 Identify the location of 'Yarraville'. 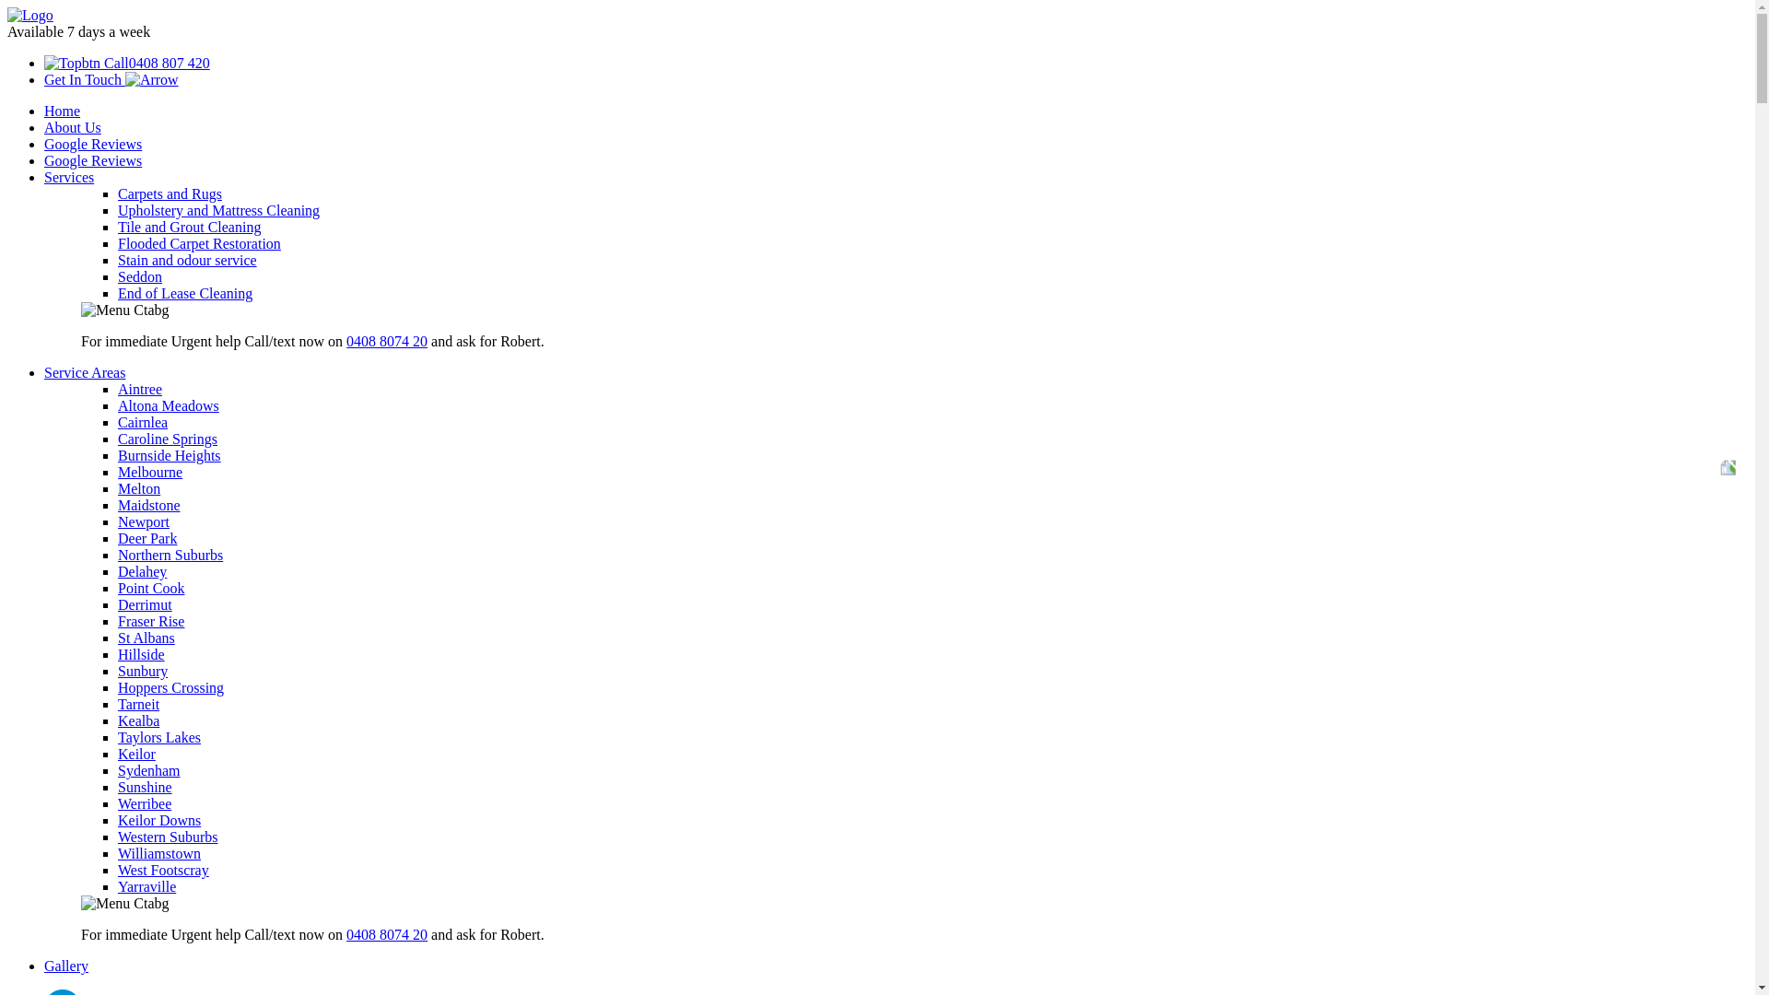
(117, 885).